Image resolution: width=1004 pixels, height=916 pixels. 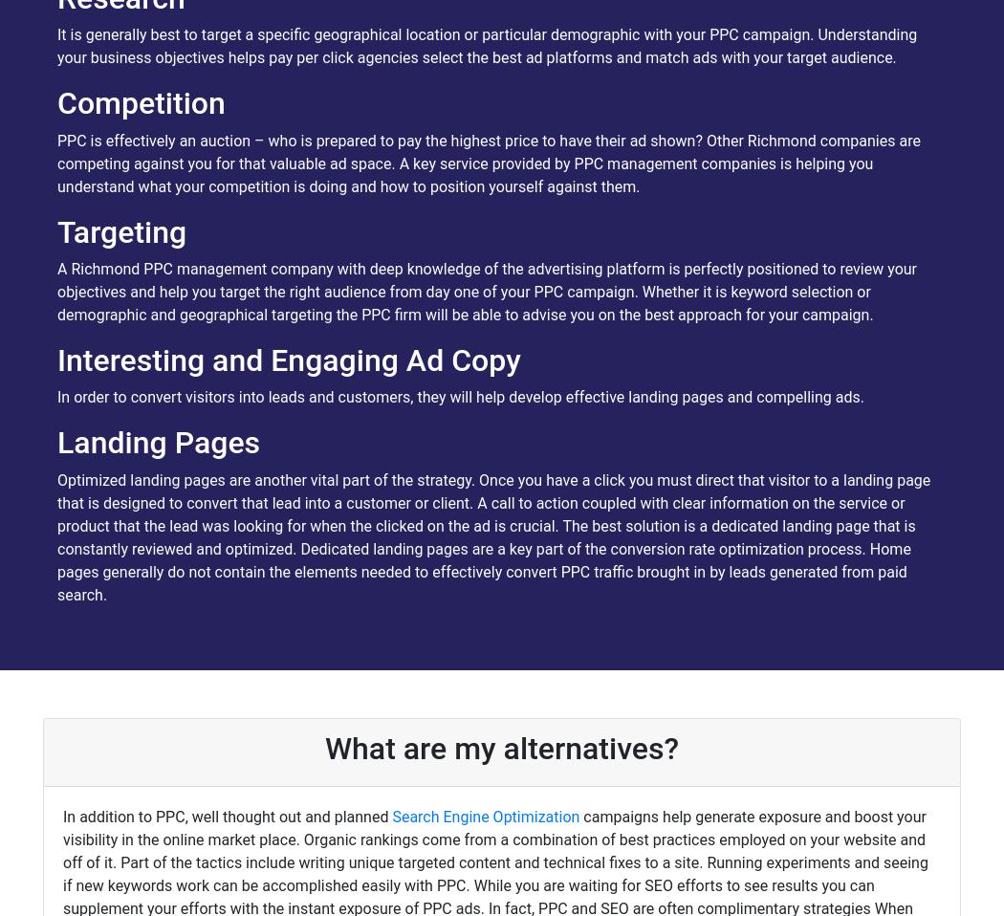 I want to click on 'Interesting and Engaging Ad Copy', so click(x=55, y=359).